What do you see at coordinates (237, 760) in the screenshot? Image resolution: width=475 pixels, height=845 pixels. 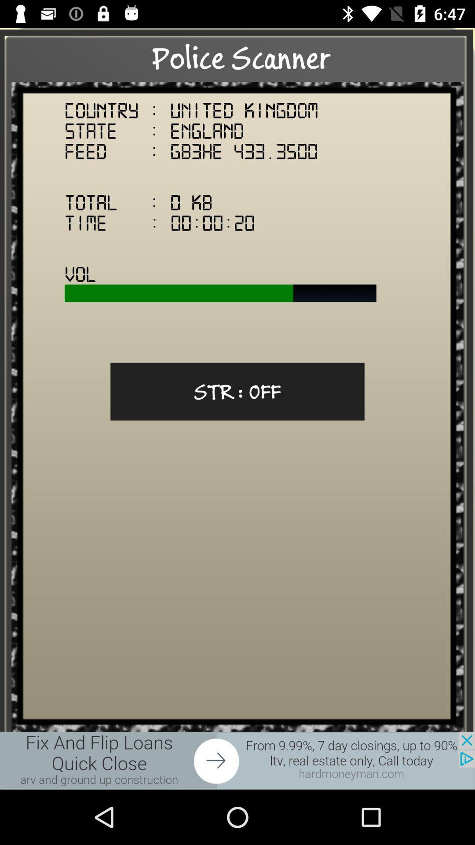 I see `open advertisement` at bounding box center [237, 760].